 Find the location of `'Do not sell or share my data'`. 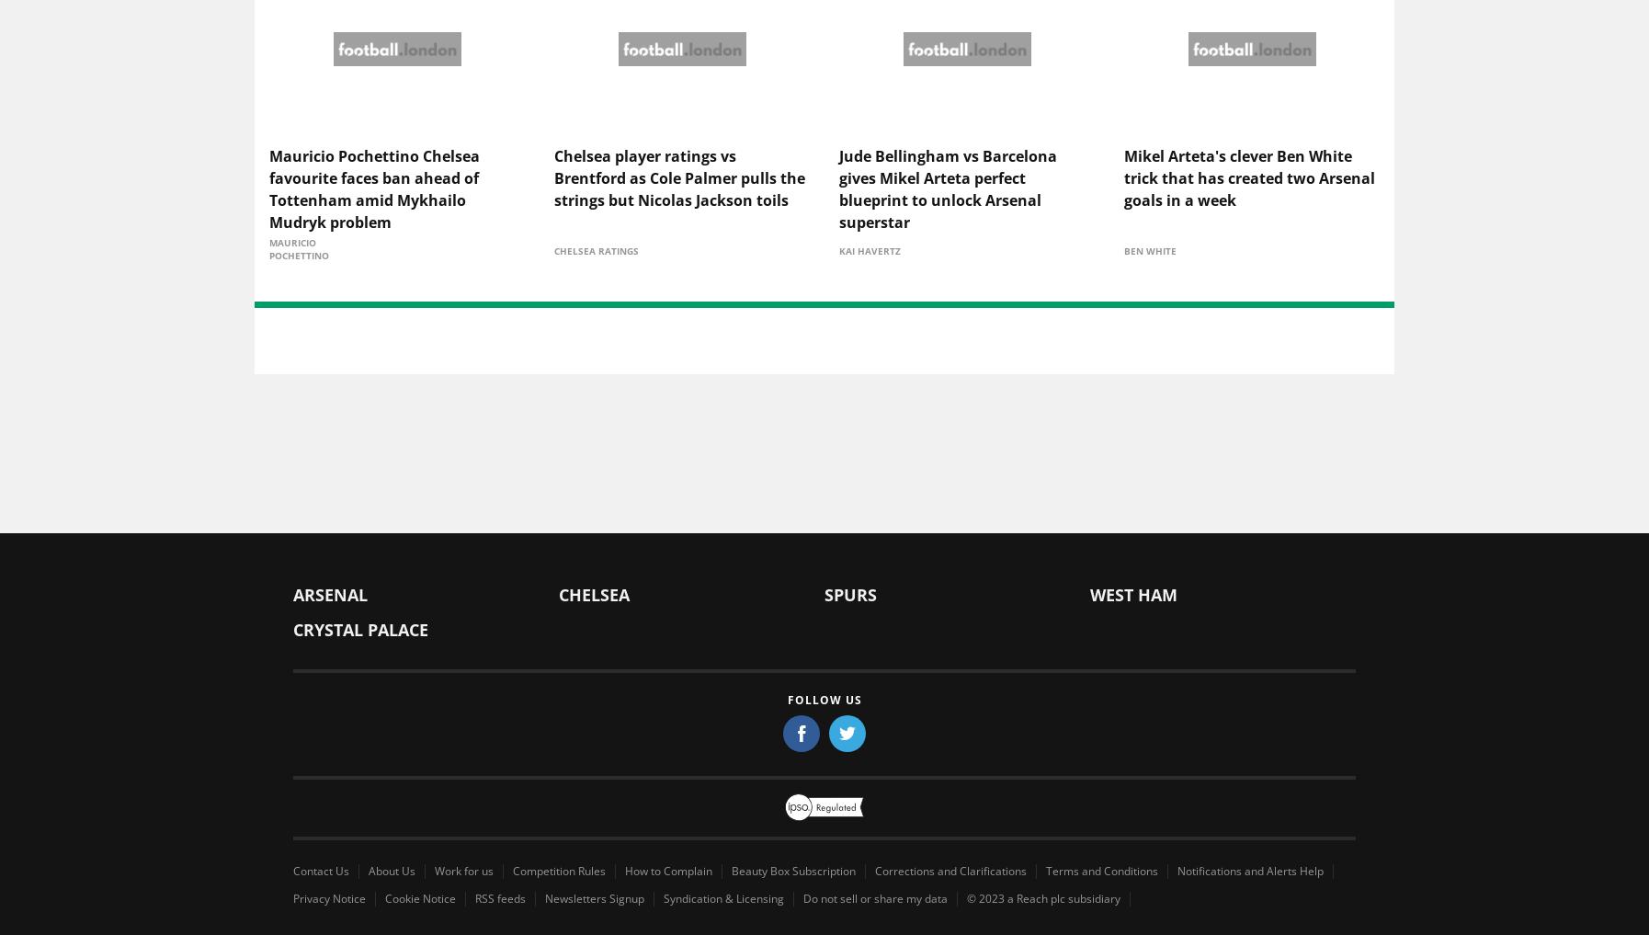

'Do not sell or share my data' is located at coordinates (874, 900).